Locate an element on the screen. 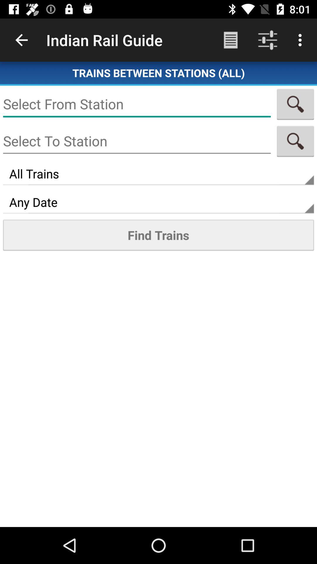  search app is located at coordinates (295, 141).